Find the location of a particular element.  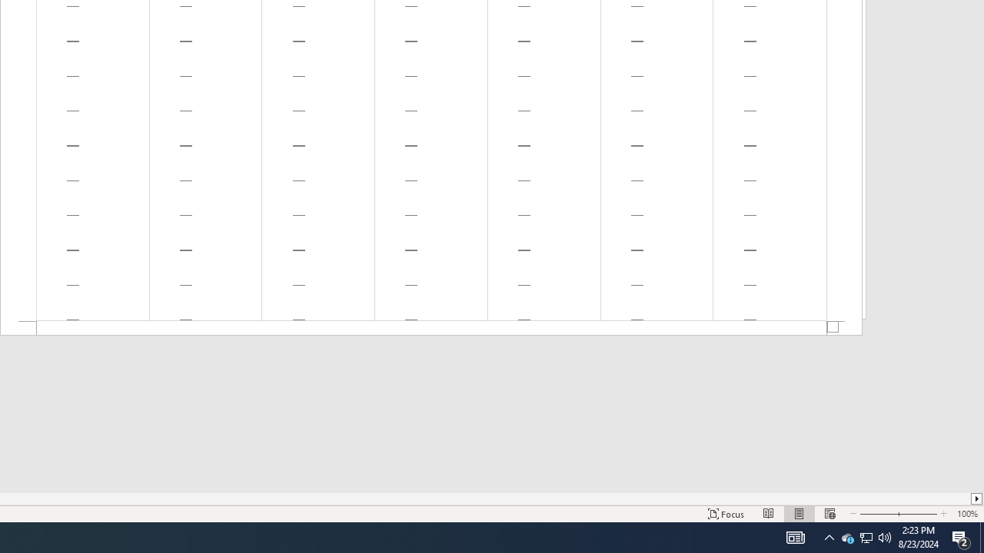

'Zoom Out' is located at coordinates (879, 514).